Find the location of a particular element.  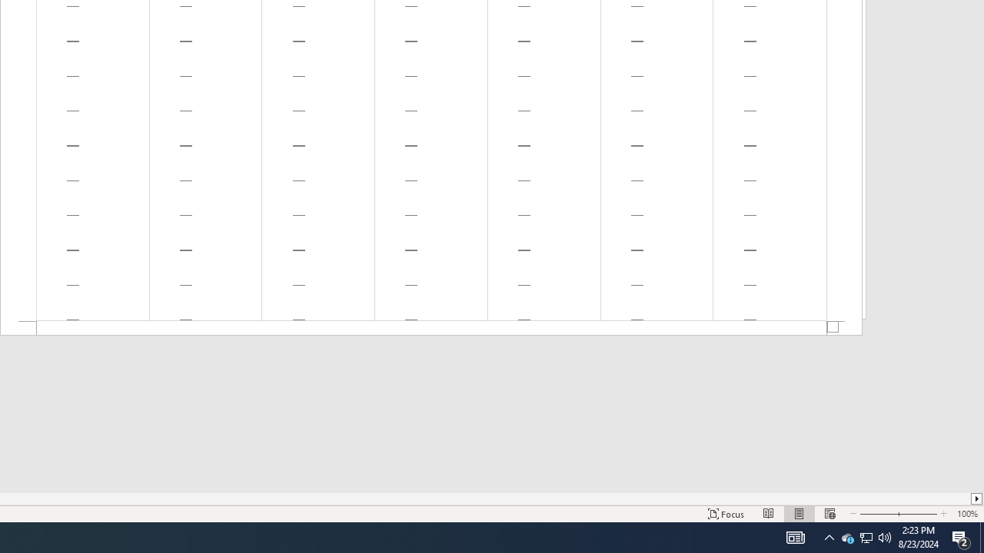

'Zoom Out' is located at coordinates (879, 514).